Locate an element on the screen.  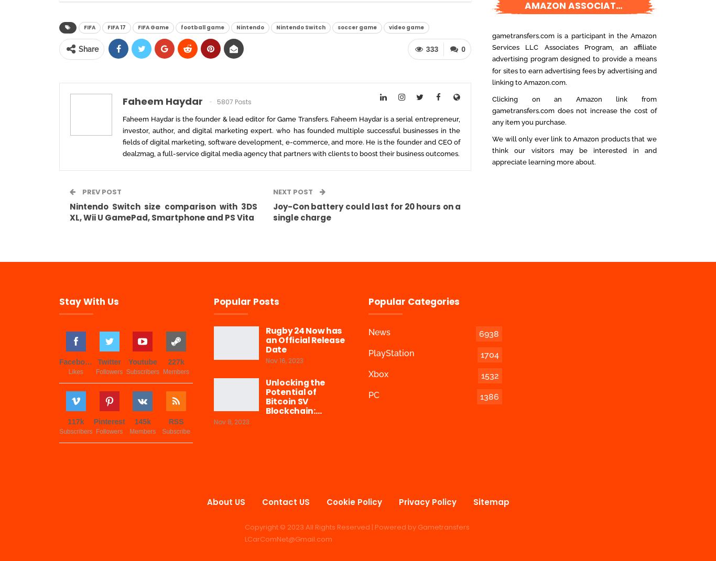
'Nintendo Switch size comparison with 3DS XL, Wii U GamePad, Smartphone and PS Vita' is located at coordinates (163, 212).